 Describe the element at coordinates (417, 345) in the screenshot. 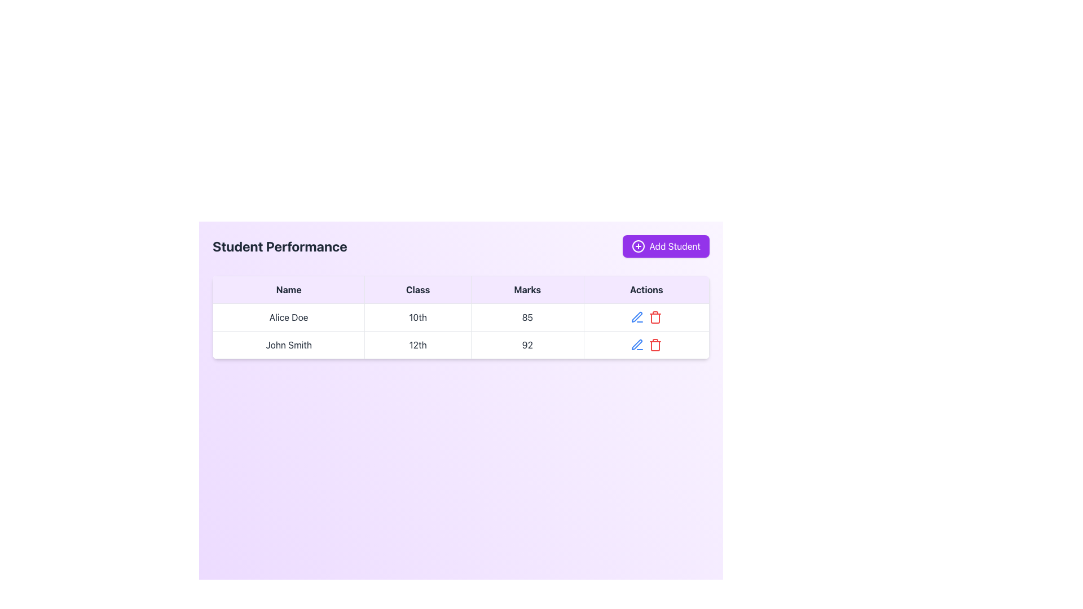

I see `the text cell containing '12th'` at that location.